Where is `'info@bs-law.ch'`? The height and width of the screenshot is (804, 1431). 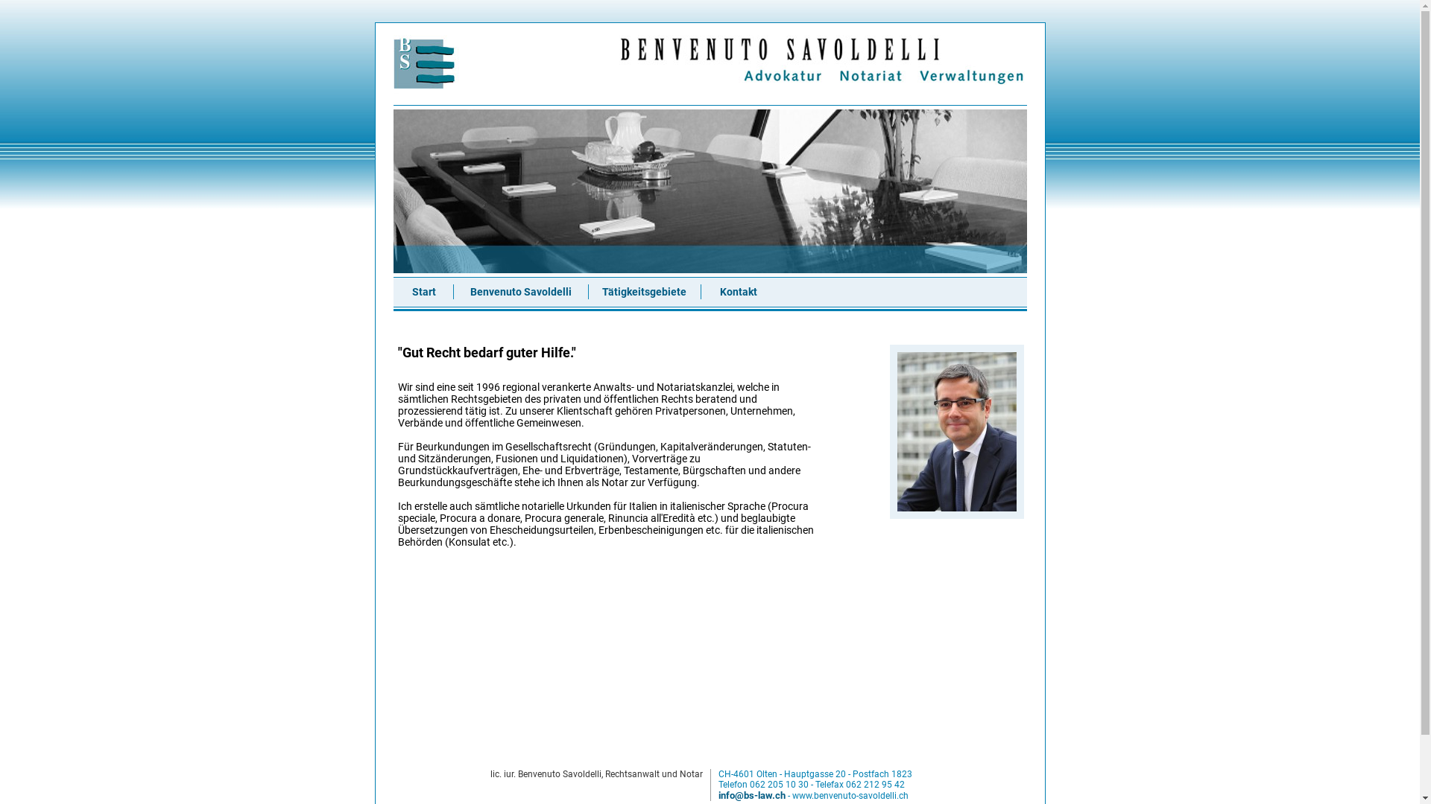 'info@bs-law.ch' is located at coordinates (751, 794).